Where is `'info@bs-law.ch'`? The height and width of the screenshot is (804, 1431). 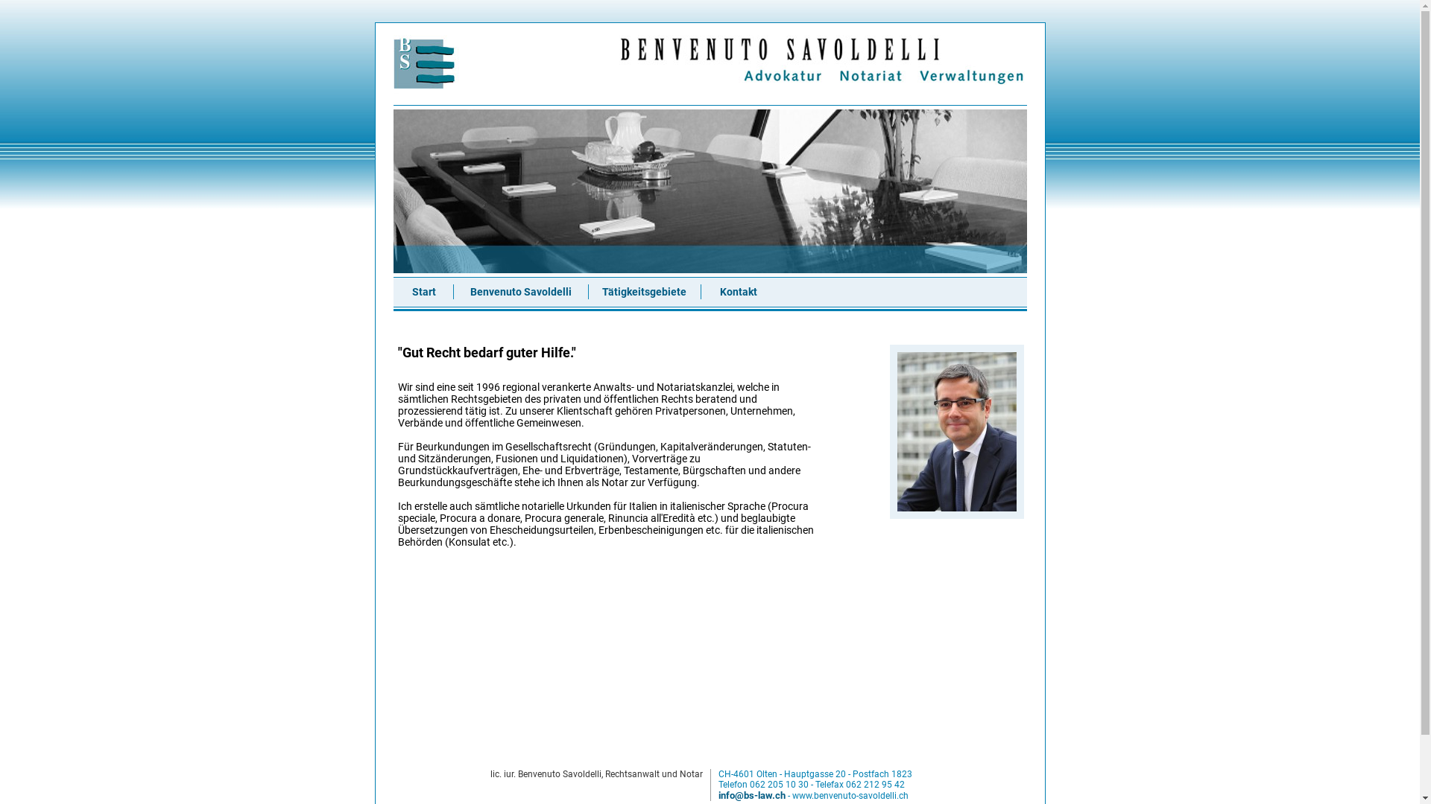 'info@bs-law.ch' is located at coordinates (751, 794).